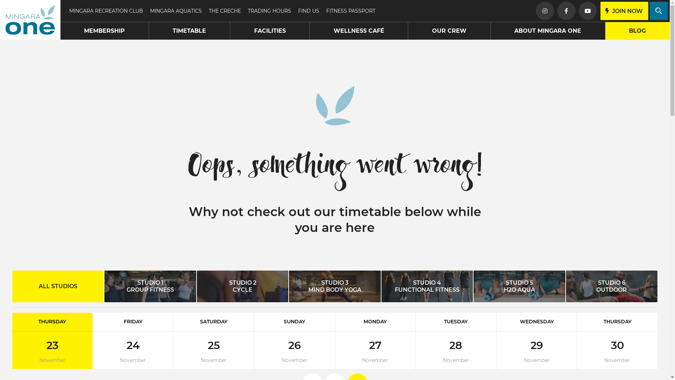 This screenshot has height=380, width=675. I want to click on 'MINGARA RECREATION CLUB', so click(105, 11).